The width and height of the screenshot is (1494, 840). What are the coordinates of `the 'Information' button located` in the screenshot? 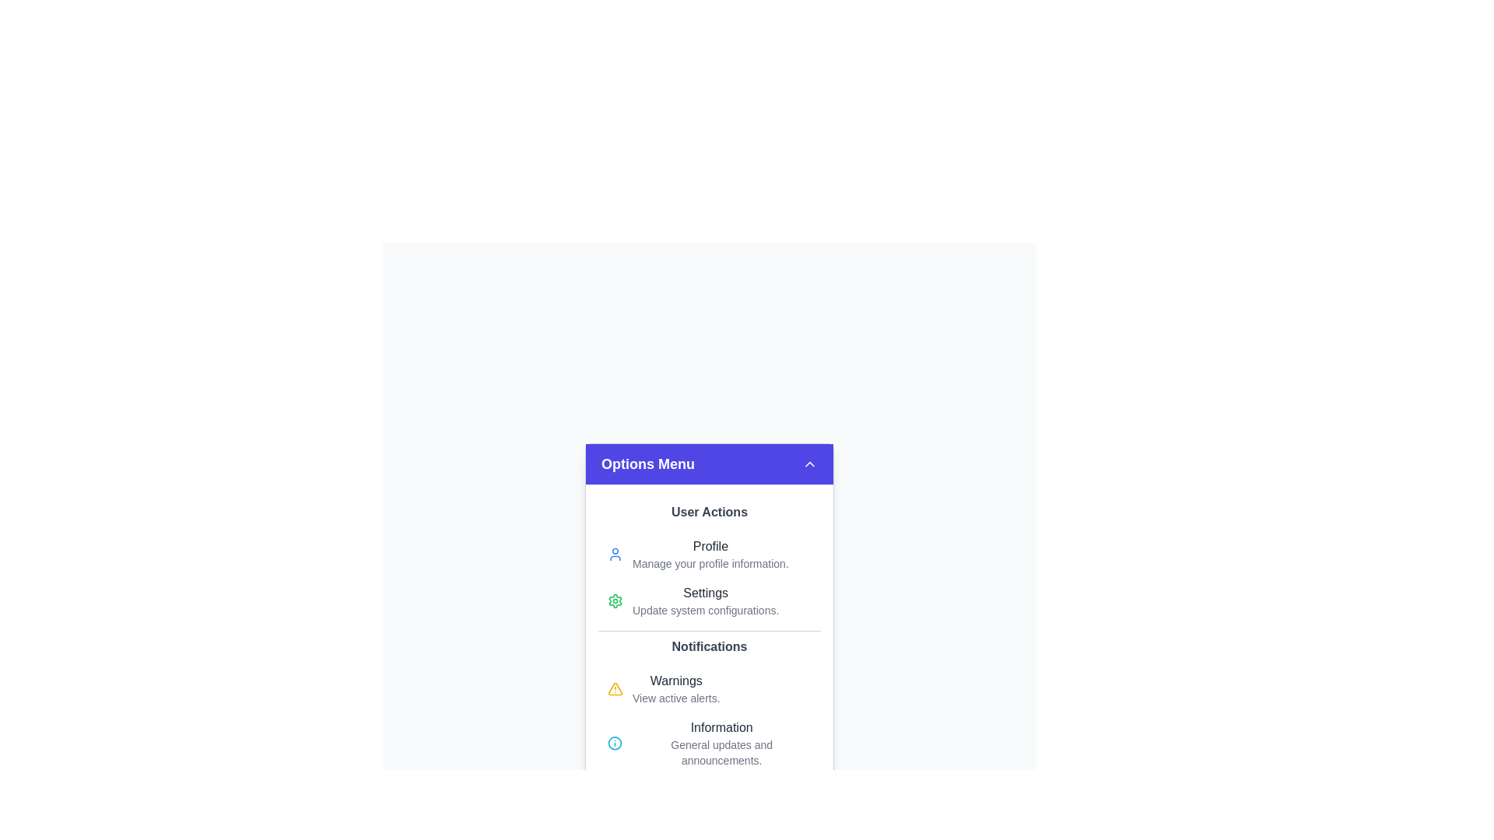 It's located at (709, 743).